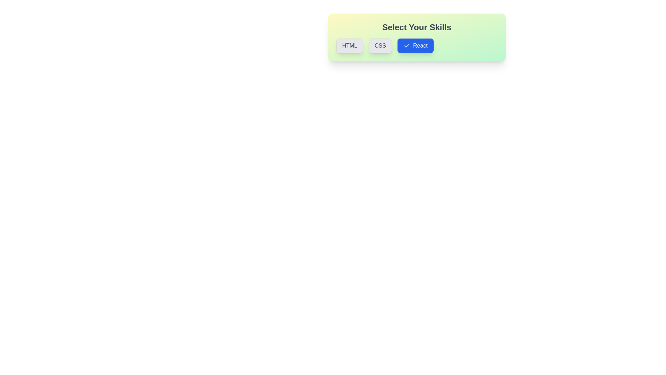 This screenshot has width=666, height=375. Describe the element at coordinates (415, 45) in the screenshot. I see `the skill React by clicking its respective button` at that location.